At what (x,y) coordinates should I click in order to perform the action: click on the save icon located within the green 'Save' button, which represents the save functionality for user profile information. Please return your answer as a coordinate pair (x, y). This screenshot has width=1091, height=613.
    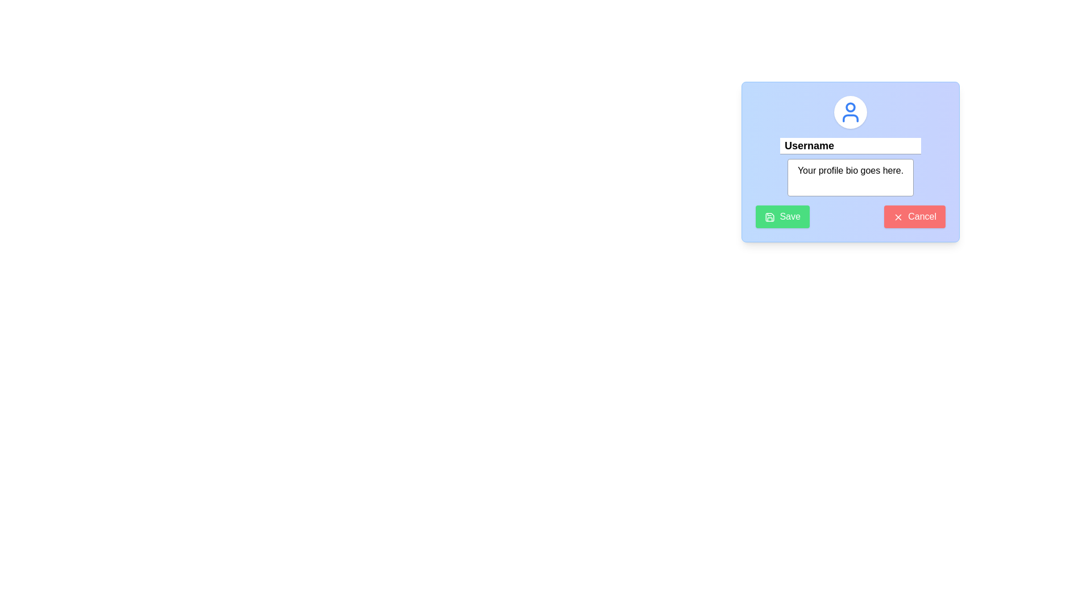
    Looking at the image, I should click on (769, 216).